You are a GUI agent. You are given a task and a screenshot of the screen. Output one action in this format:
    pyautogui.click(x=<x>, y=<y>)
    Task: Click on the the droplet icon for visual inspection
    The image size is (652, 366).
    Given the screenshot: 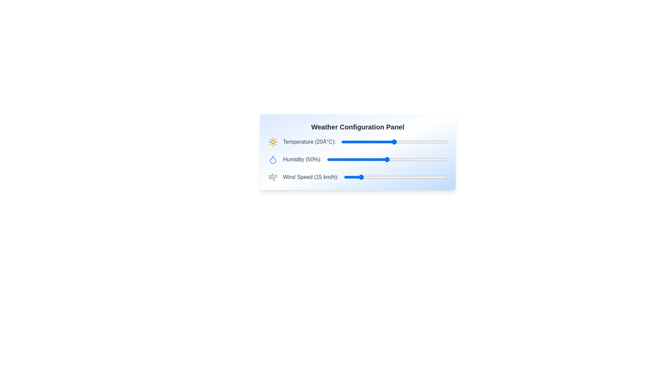 What is the action you would take?
    pyautogui.click(x=273, y=159)
    